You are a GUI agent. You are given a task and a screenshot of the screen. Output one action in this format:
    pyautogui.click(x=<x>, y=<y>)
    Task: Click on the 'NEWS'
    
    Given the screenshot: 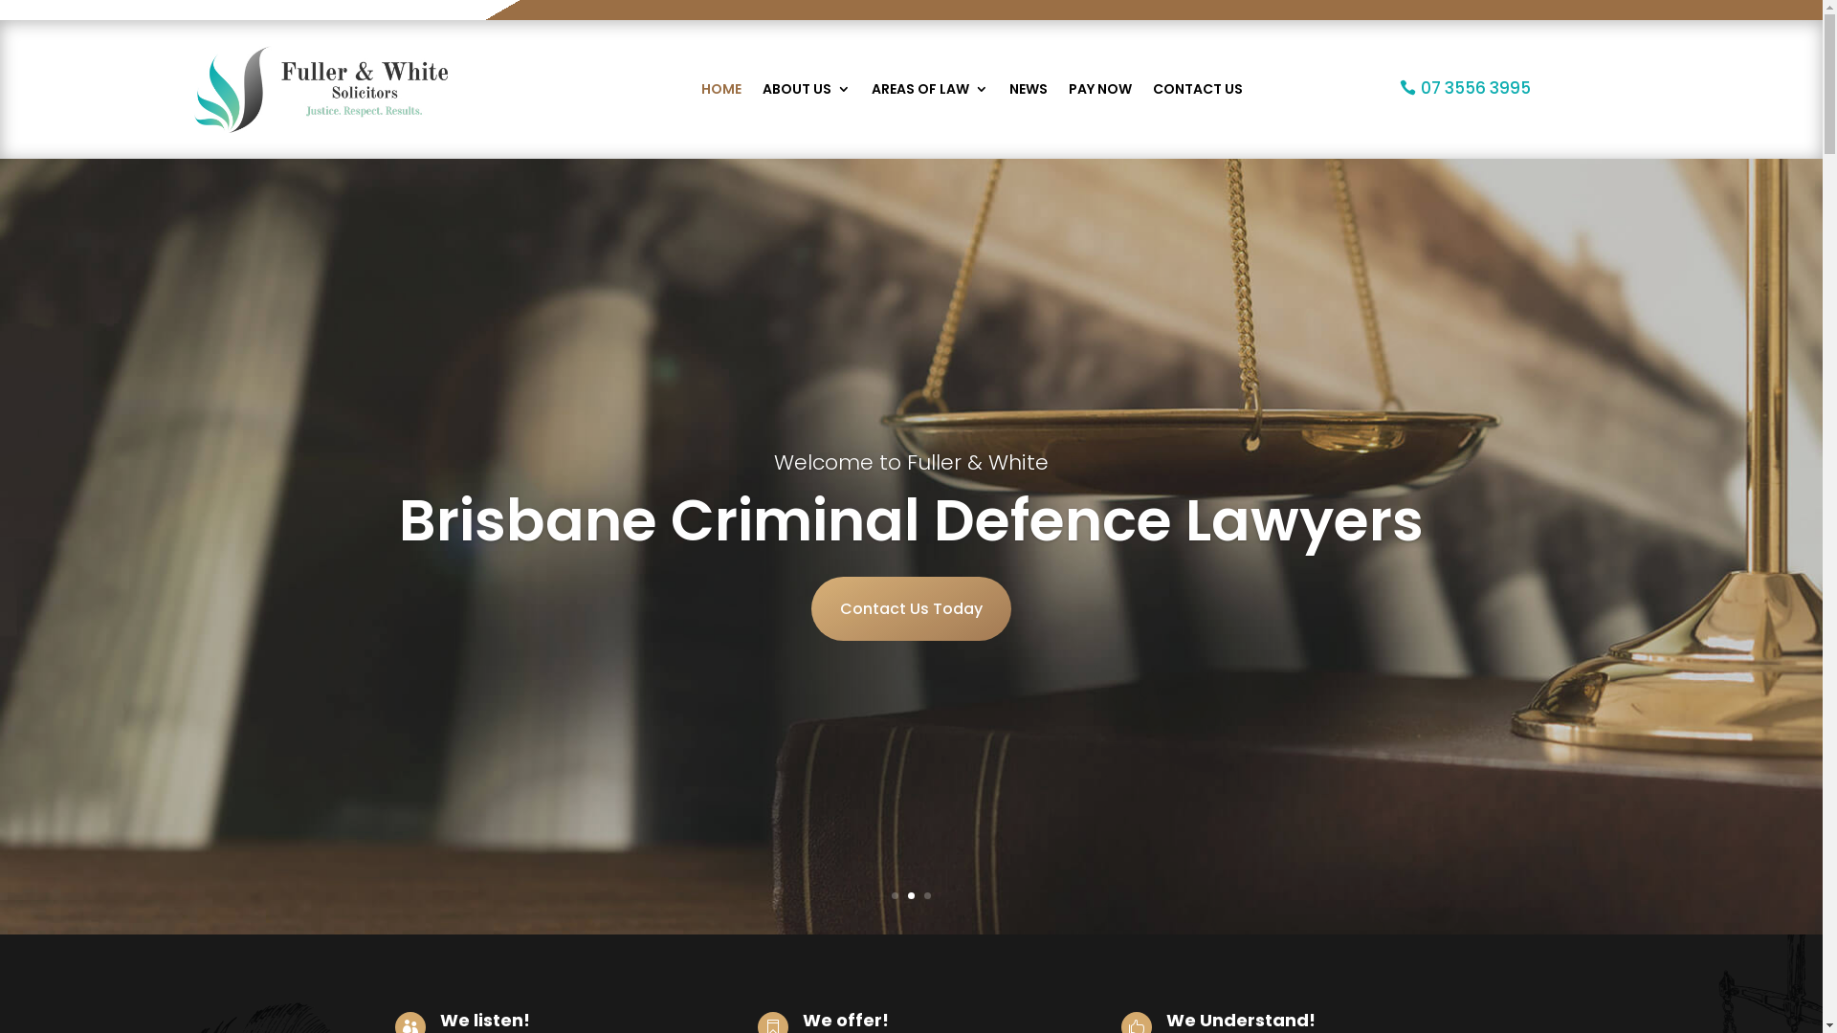 What is the action you would take?
    pyautogui.click(x=1027, y=89)
    